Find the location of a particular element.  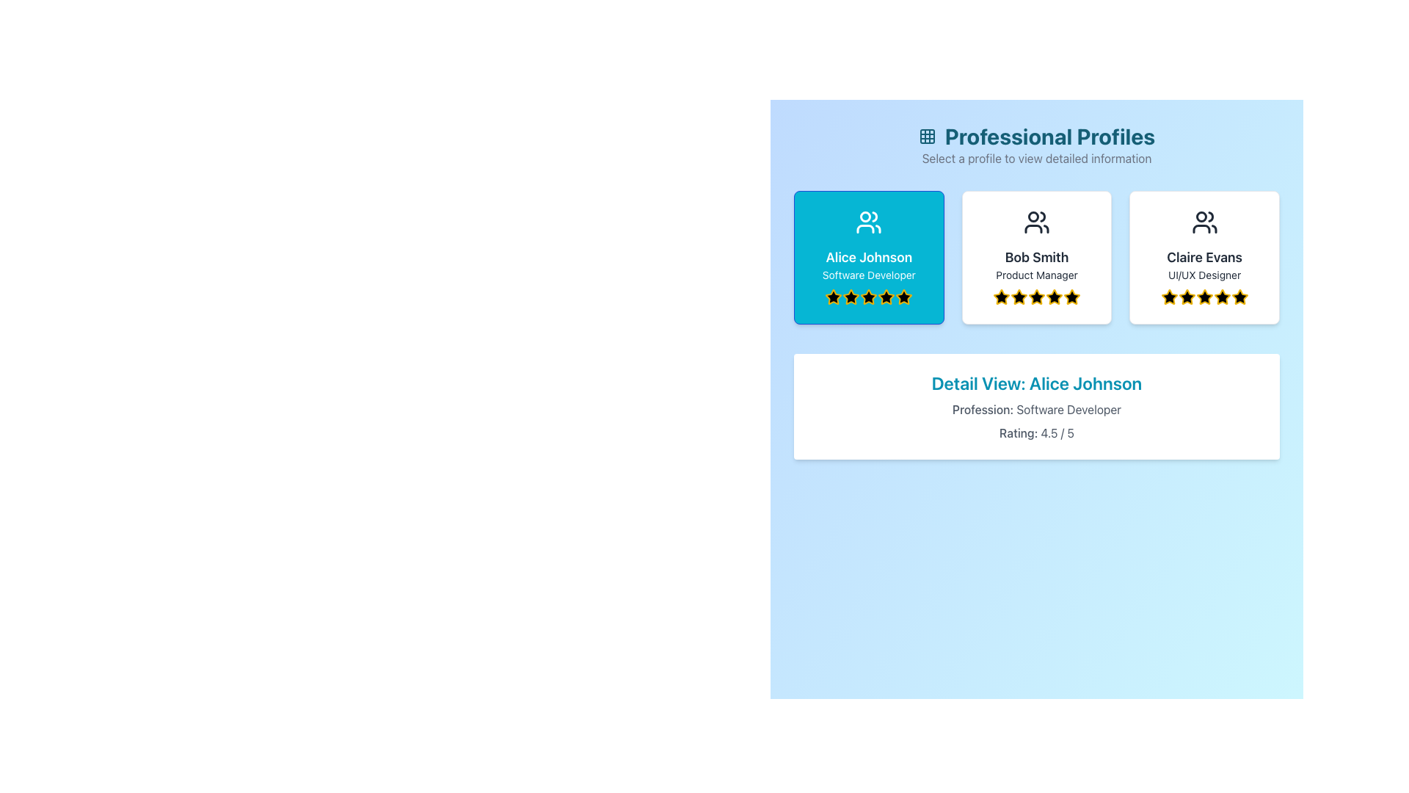

the fifth star icon in the rating display under 'Claire Evans, UI/UX Designer' in the upper-right card of the 'Professional Profiles' section is located at coordinates (1239, 297).